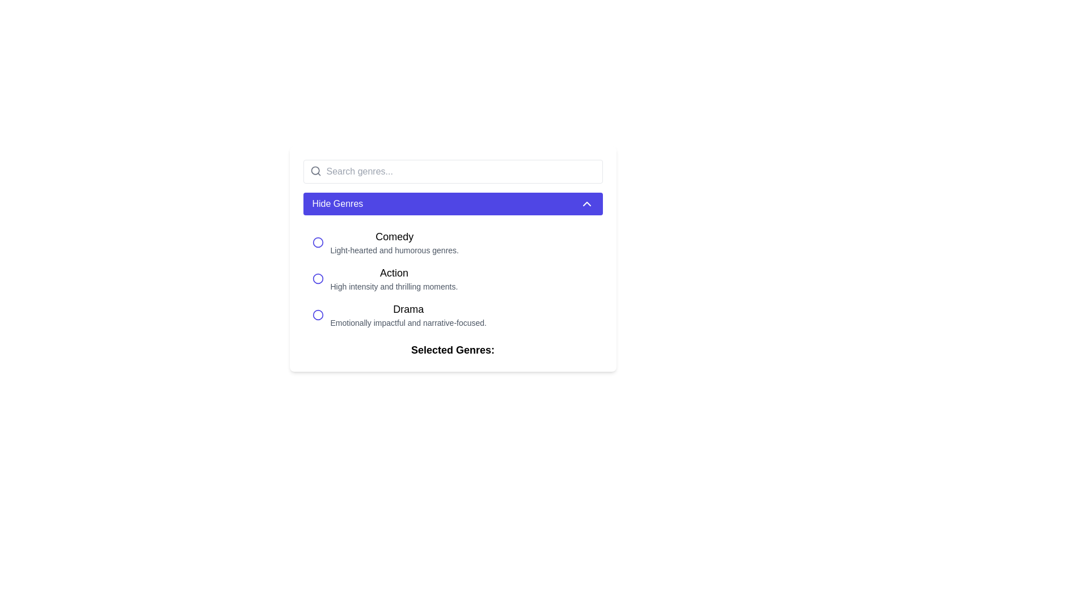 The image size is (1089, 612). I want to click on the search icon located at the left interior edge of the search area, which signifies the search functionality of the input field, so click(315, 171).